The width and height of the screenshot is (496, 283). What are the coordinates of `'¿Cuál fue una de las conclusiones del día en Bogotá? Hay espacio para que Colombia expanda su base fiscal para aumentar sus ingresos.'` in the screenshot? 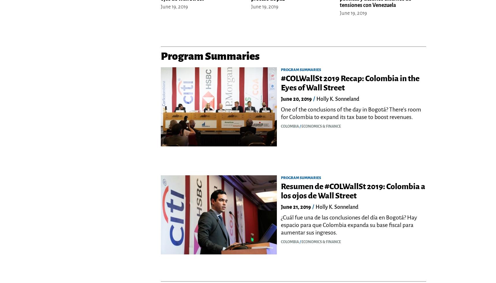 It's located at (281, 225).